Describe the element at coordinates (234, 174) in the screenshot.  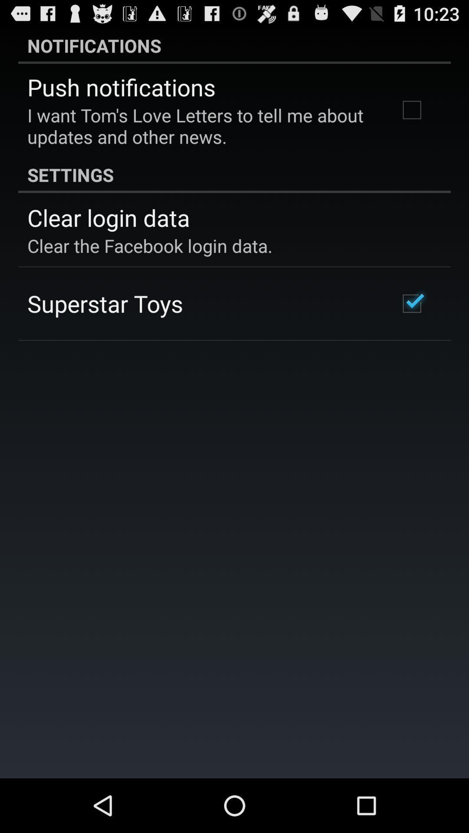
I see `settings item` at that location.